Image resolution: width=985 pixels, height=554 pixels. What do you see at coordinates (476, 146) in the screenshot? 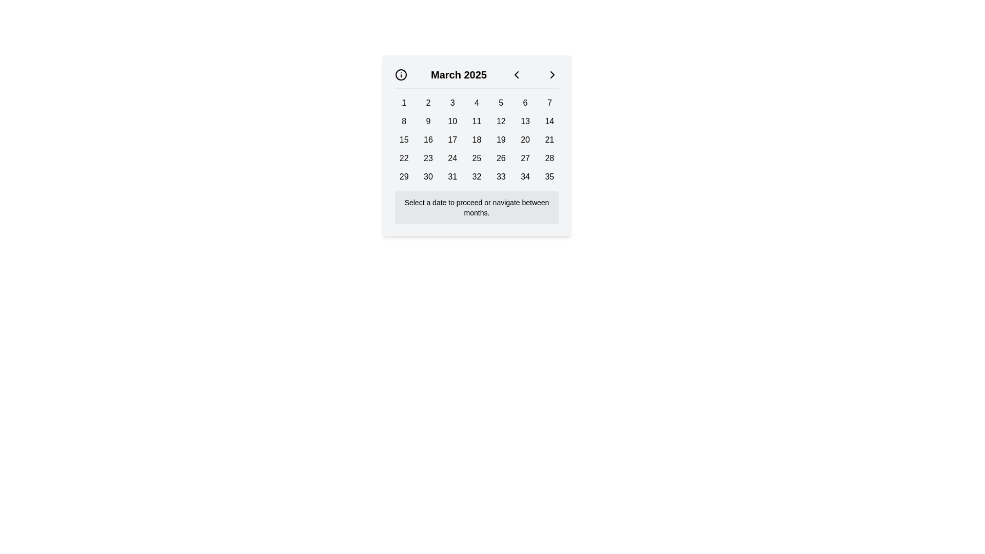
I see `a specific day in the Calendar component` at bounding box center [476, 146].